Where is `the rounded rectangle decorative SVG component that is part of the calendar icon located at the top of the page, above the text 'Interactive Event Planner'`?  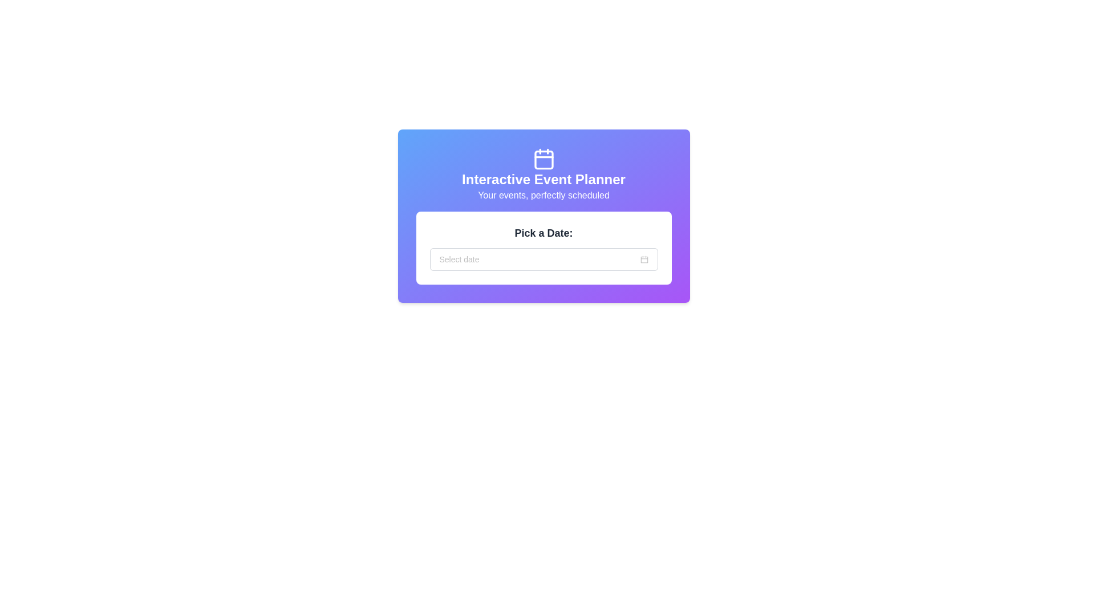 the rounded rectangle decorative SVG component that is part of the calendar icon located at the top of the page, above the text 'Interactive Event Planner' is located at coordinates (543, 160).